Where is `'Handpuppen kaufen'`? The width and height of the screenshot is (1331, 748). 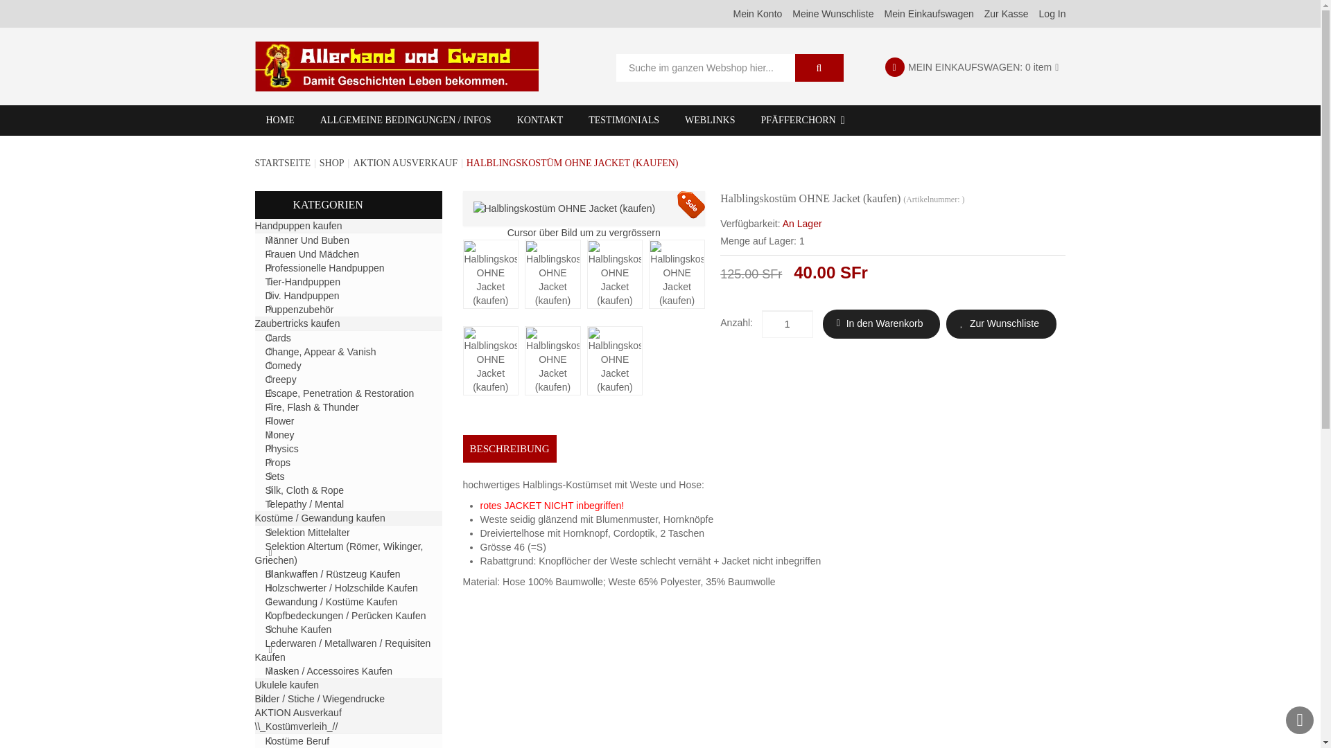
'Handpuppen kaufen' is located at coordinates (298, 225).